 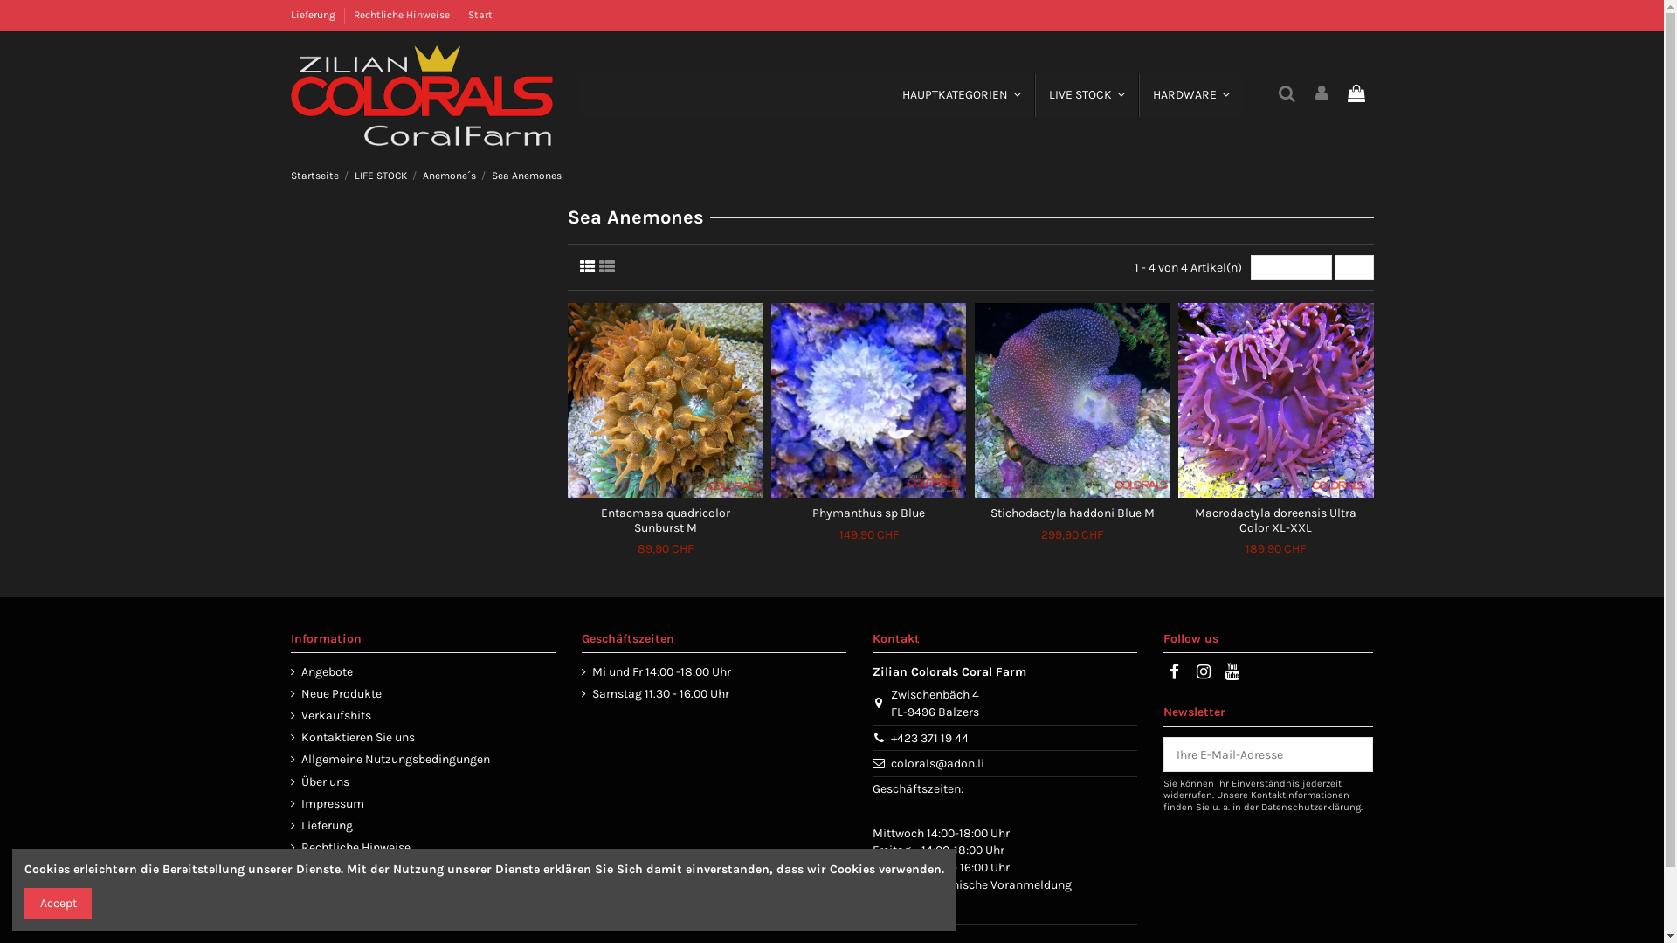 I want to click on 'Samstag 11.30 - 16.00 Uhr', so click(x=654, y=692).